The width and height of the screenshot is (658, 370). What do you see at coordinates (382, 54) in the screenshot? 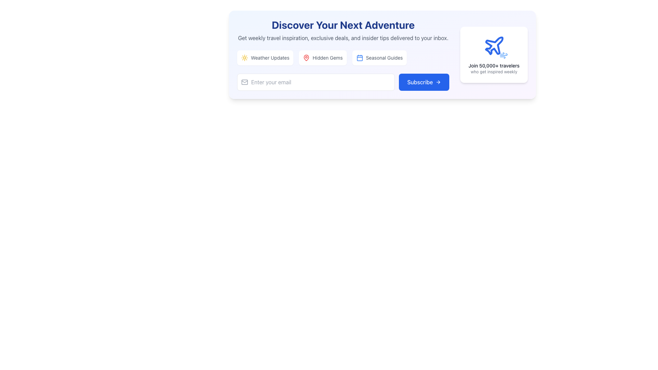
I see `the buttons or links within the Promotional Section that features a blue-to-purple gradient background, rounded corners, and contains travel activity promotions` at bounding box center [382, 54].